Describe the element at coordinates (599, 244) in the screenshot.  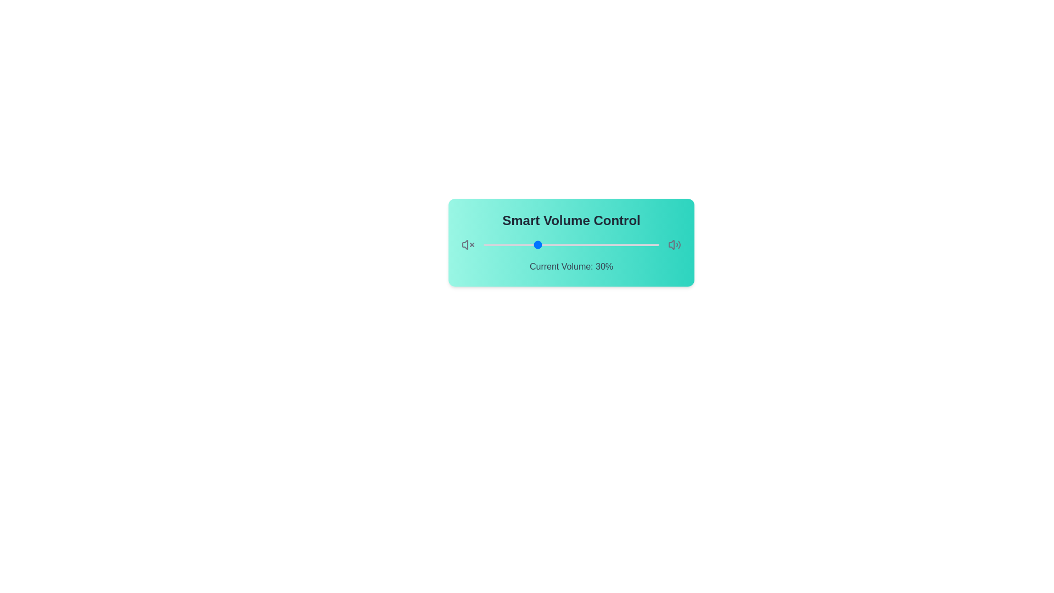
I see `the volume slider to set the volume to 66%` at that location.